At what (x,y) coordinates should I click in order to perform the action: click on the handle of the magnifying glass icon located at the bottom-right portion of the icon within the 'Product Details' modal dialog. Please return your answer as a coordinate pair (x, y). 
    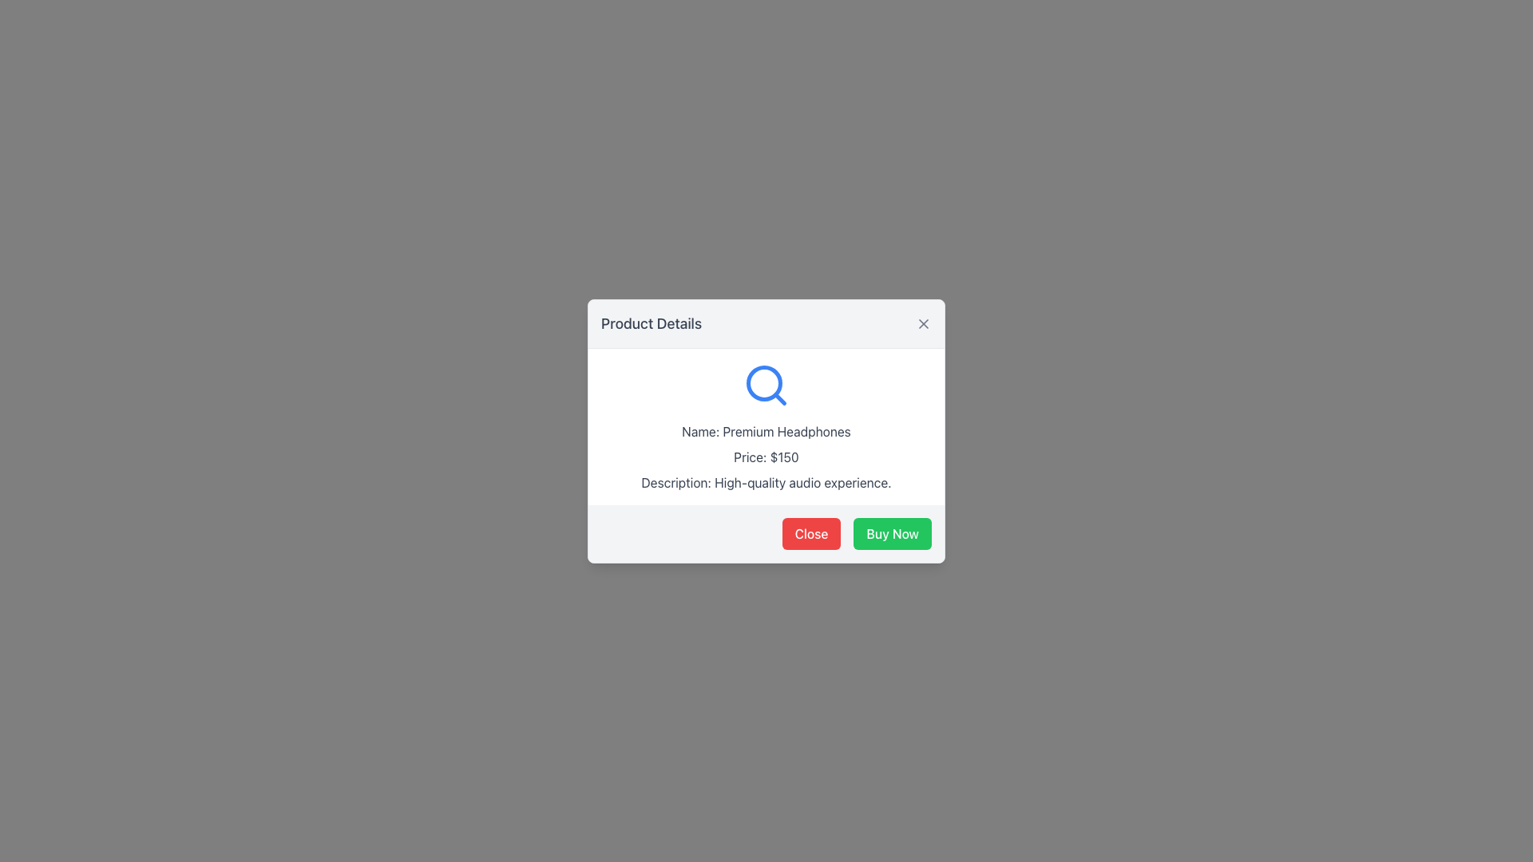
    Looking at the image, I should click on (780, 397).